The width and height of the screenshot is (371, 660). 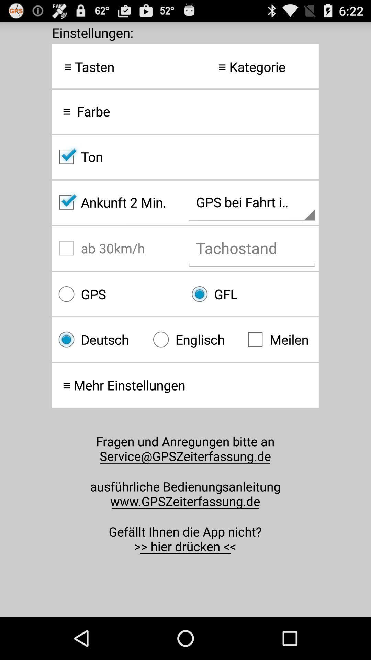 I want to click on the gfl item, so click(x=252, y=294).